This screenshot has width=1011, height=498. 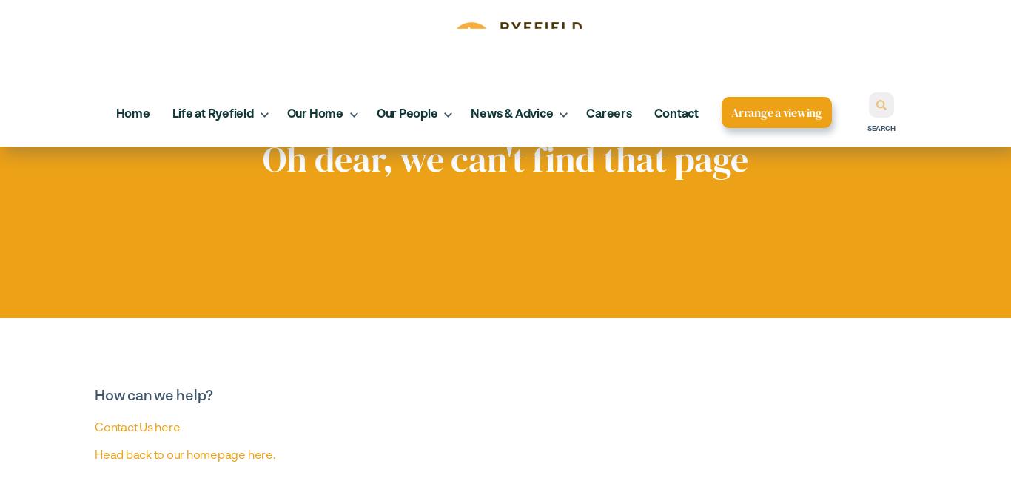 What do you see at coordinates (136, 425) in the screenshot?
I see `'Contact Us here'` at bounding box center [136, 425].